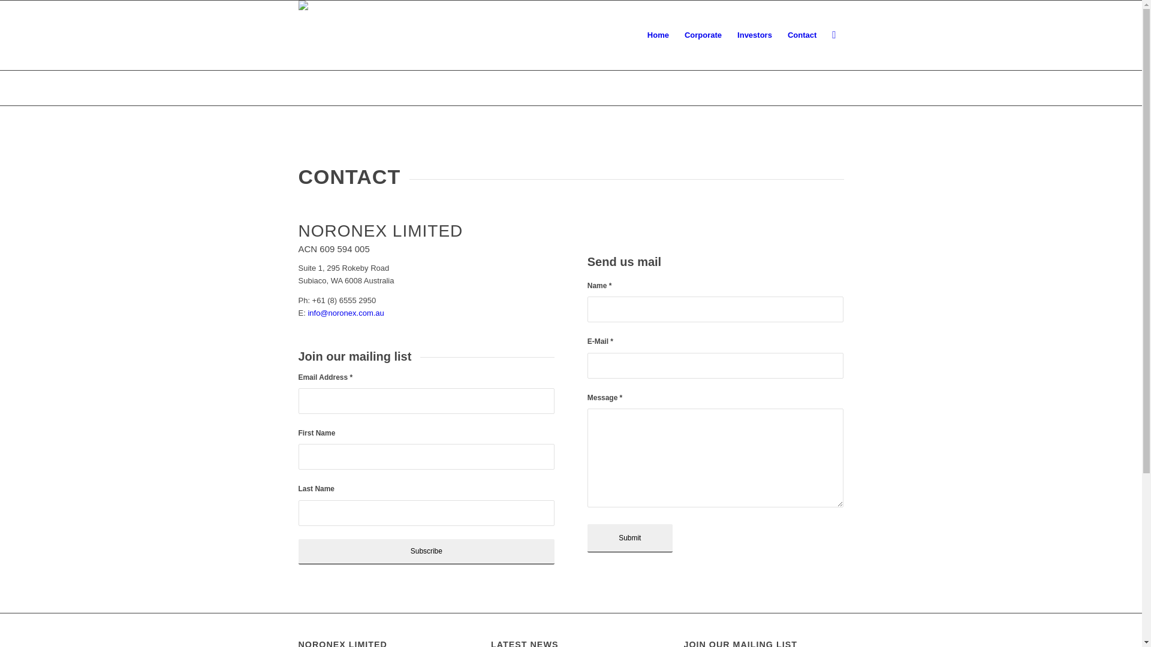  What do you see at coordinates (345, 312) in the screenshot?
I see `'info@noronex.com.au'` at bounding box center [345, 312].